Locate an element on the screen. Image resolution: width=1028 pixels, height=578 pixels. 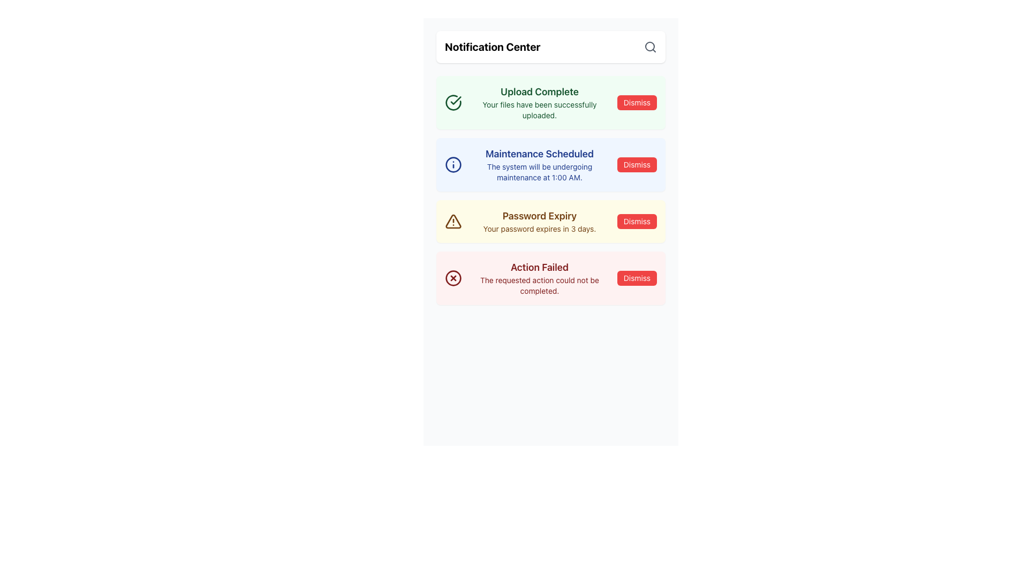
bold text label 'Action Failed' at the top of the last notification box in the Notification Center interface is located at coordinates (540, 267).